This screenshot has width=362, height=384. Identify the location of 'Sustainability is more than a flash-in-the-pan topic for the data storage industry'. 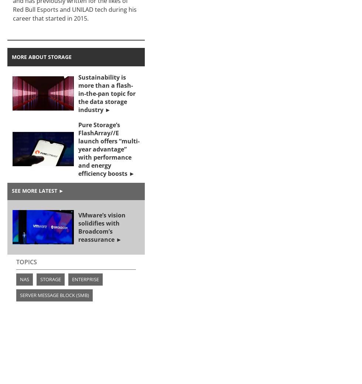
(107, 92).